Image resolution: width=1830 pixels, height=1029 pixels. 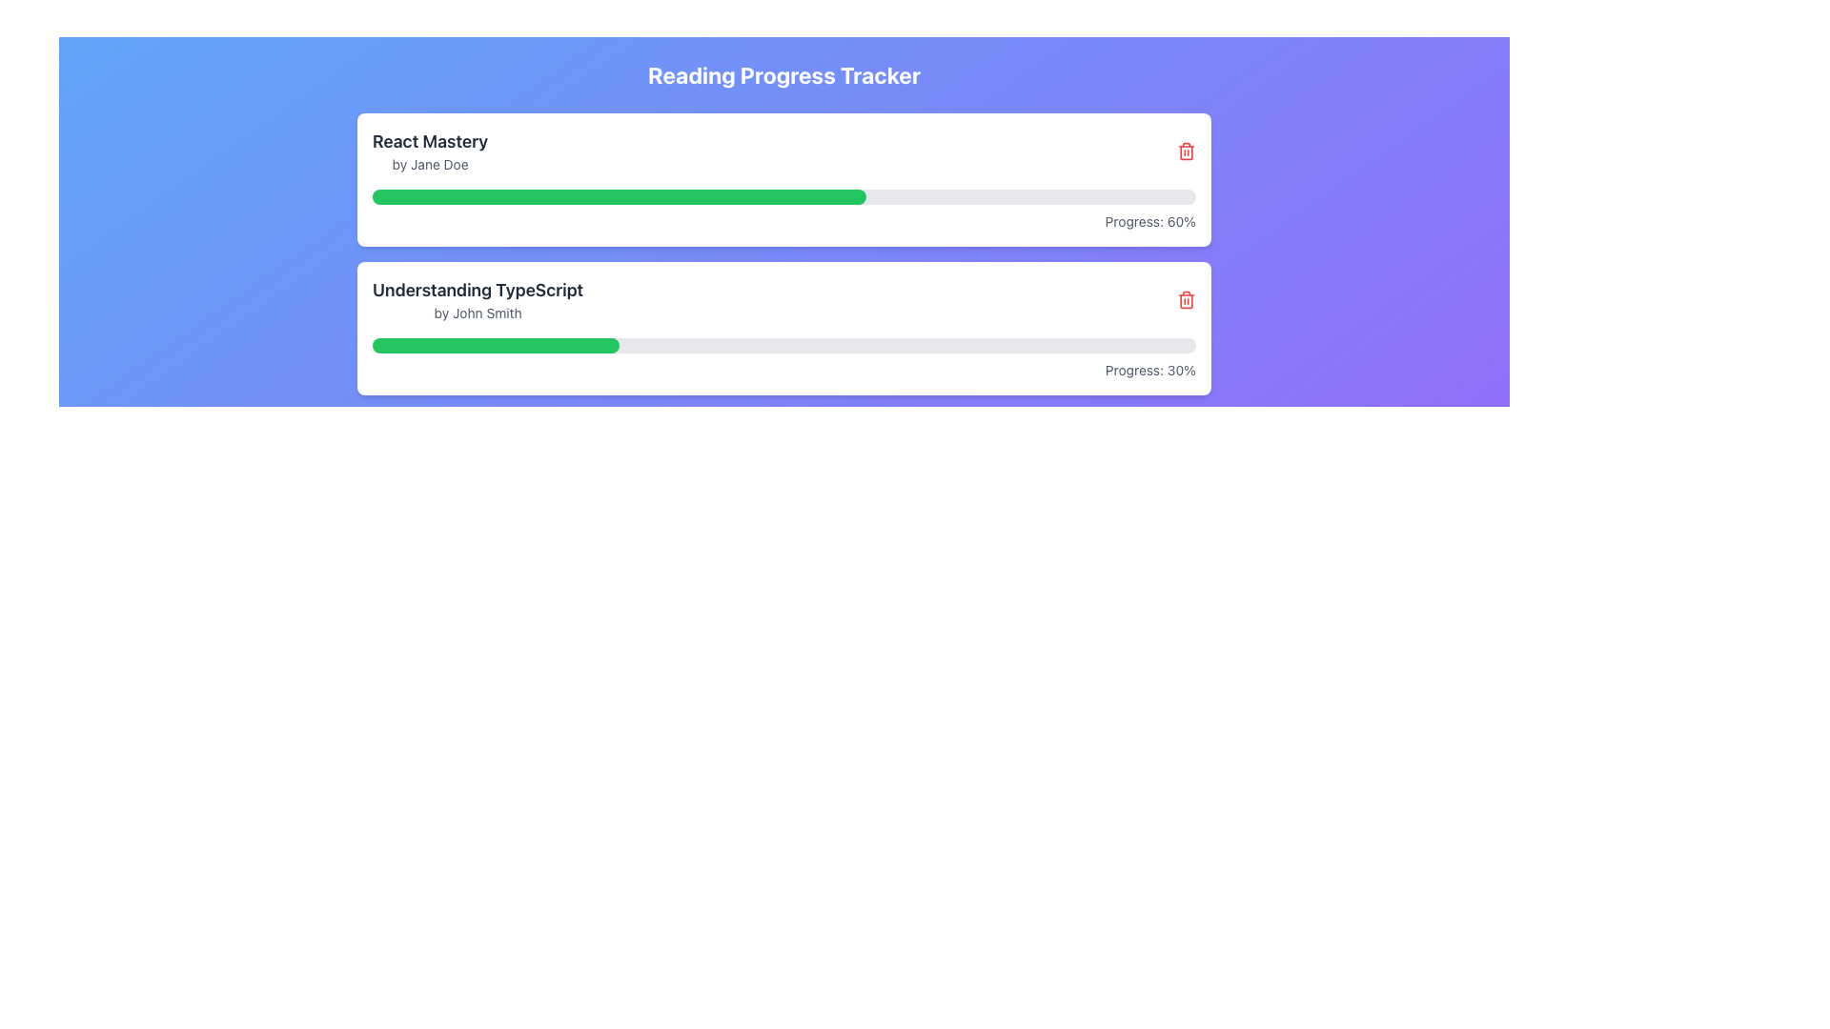 What do you see at coordinates (1185, 300) in the screenshot?
I see `the delete button located at the top right corner of the course card for 'Understanding TypeScript'` at bounding box center [1185, 300].